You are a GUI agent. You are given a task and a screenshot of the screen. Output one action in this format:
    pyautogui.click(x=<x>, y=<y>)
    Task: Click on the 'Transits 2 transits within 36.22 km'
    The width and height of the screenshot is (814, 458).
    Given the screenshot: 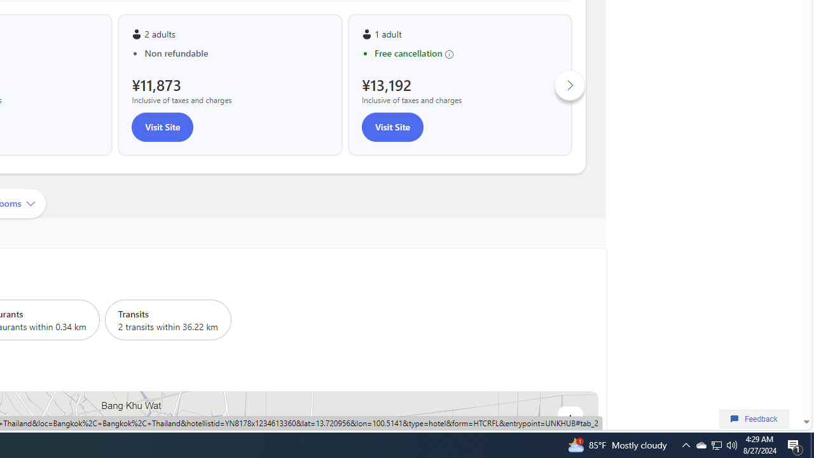 What is the action you would take?
    pyautogui.click(x=167, y=319)
    